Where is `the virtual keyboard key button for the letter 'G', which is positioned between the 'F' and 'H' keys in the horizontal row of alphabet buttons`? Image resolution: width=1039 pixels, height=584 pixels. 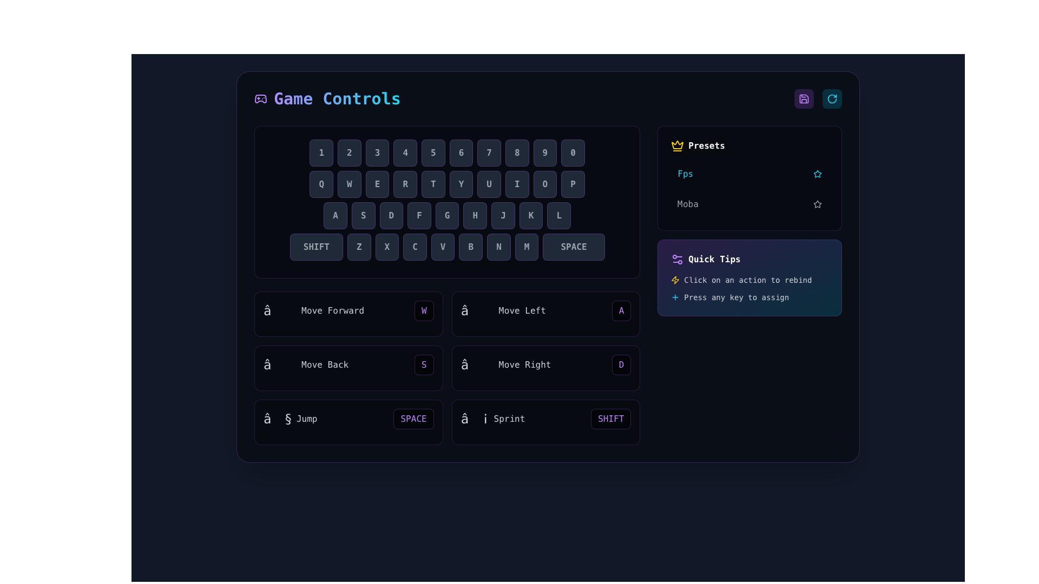 the virtual keyboard key button for the letter 'G', which is positioned between the 'F' and 'H' keys in the horizontal row of alphabet buttons is located at coordinates (447, 215).